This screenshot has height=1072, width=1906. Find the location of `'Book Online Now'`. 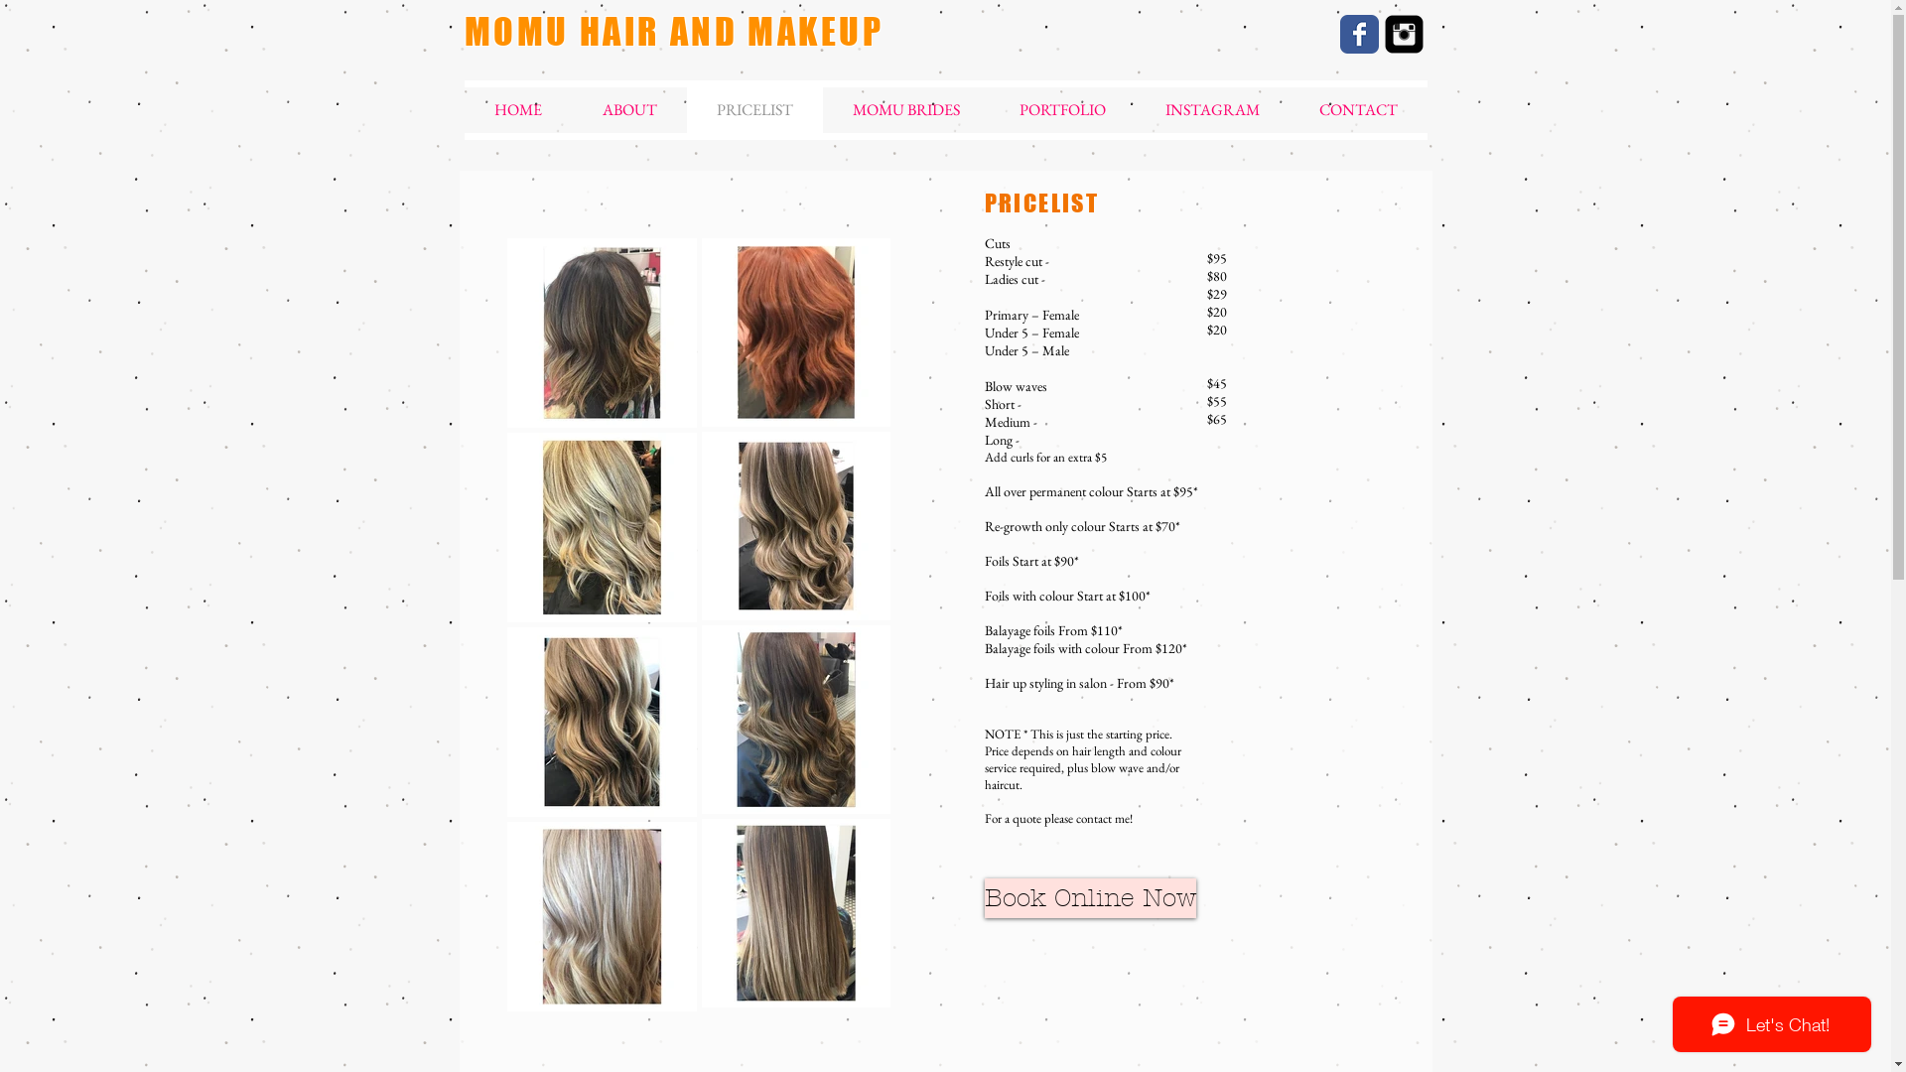

'Book Online Now' is located at coordinates (1089, 898).